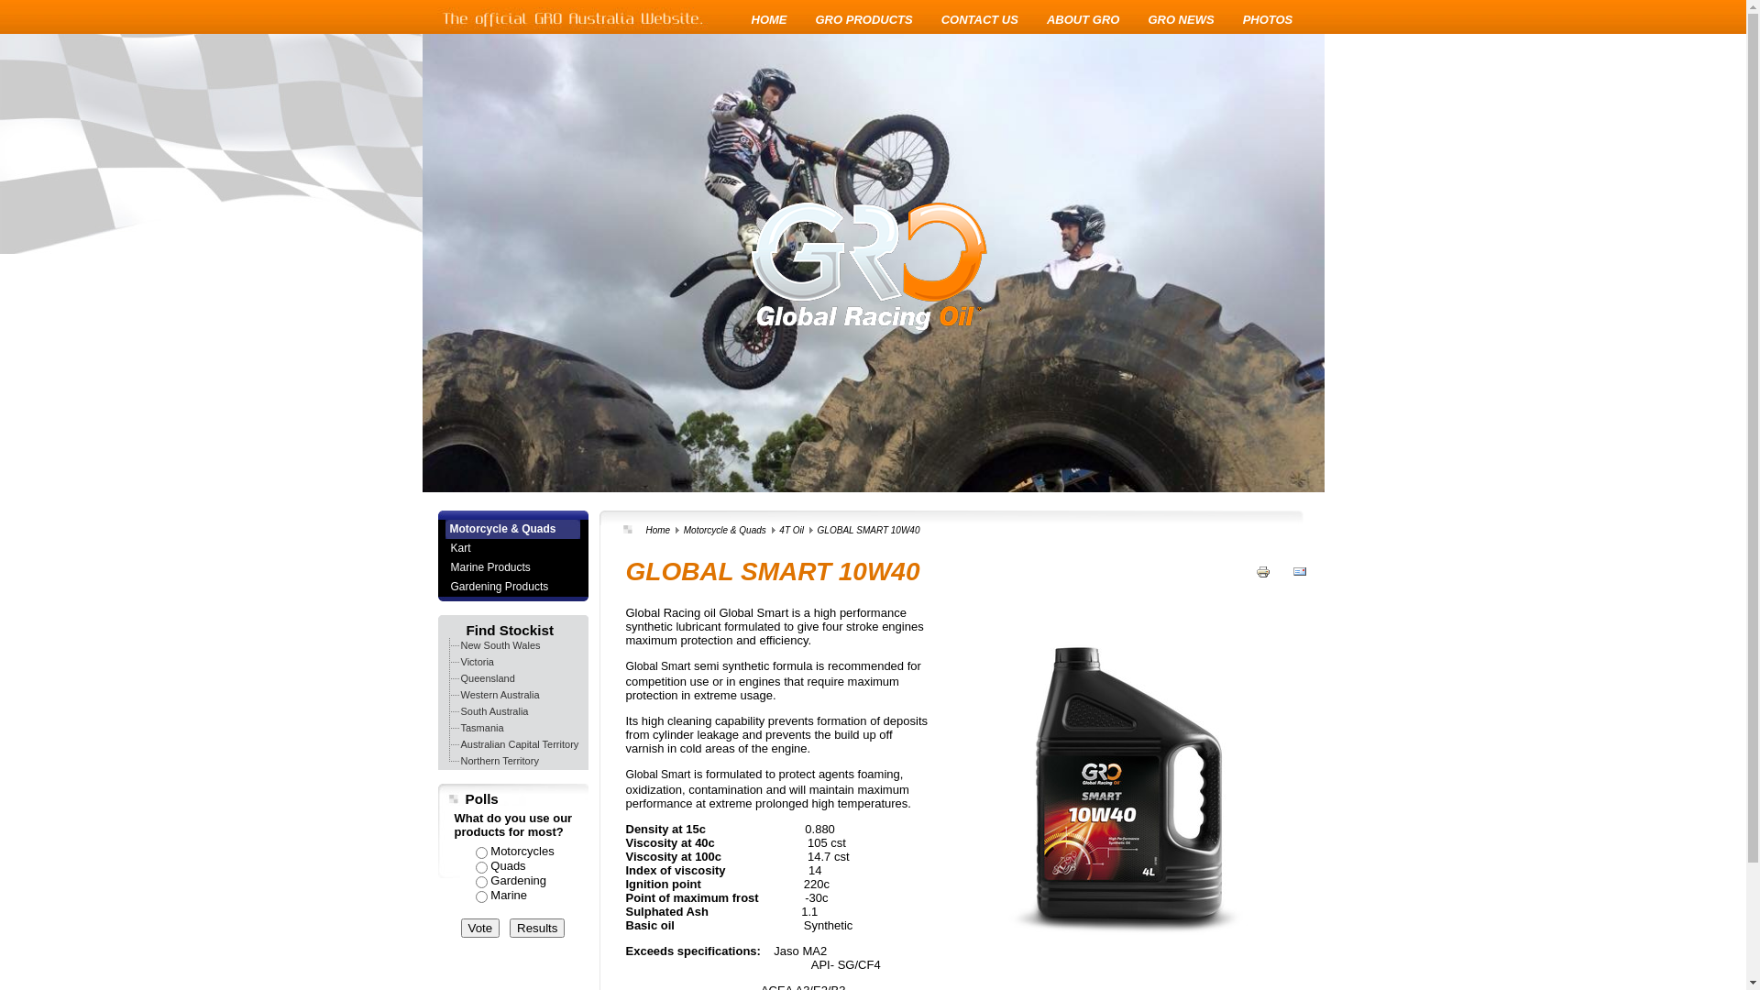 This screenshot has width=1760, height=990. Describe the element at coordinates (500, 695) in the screenshot. I see `'Western Australia'` at that location.